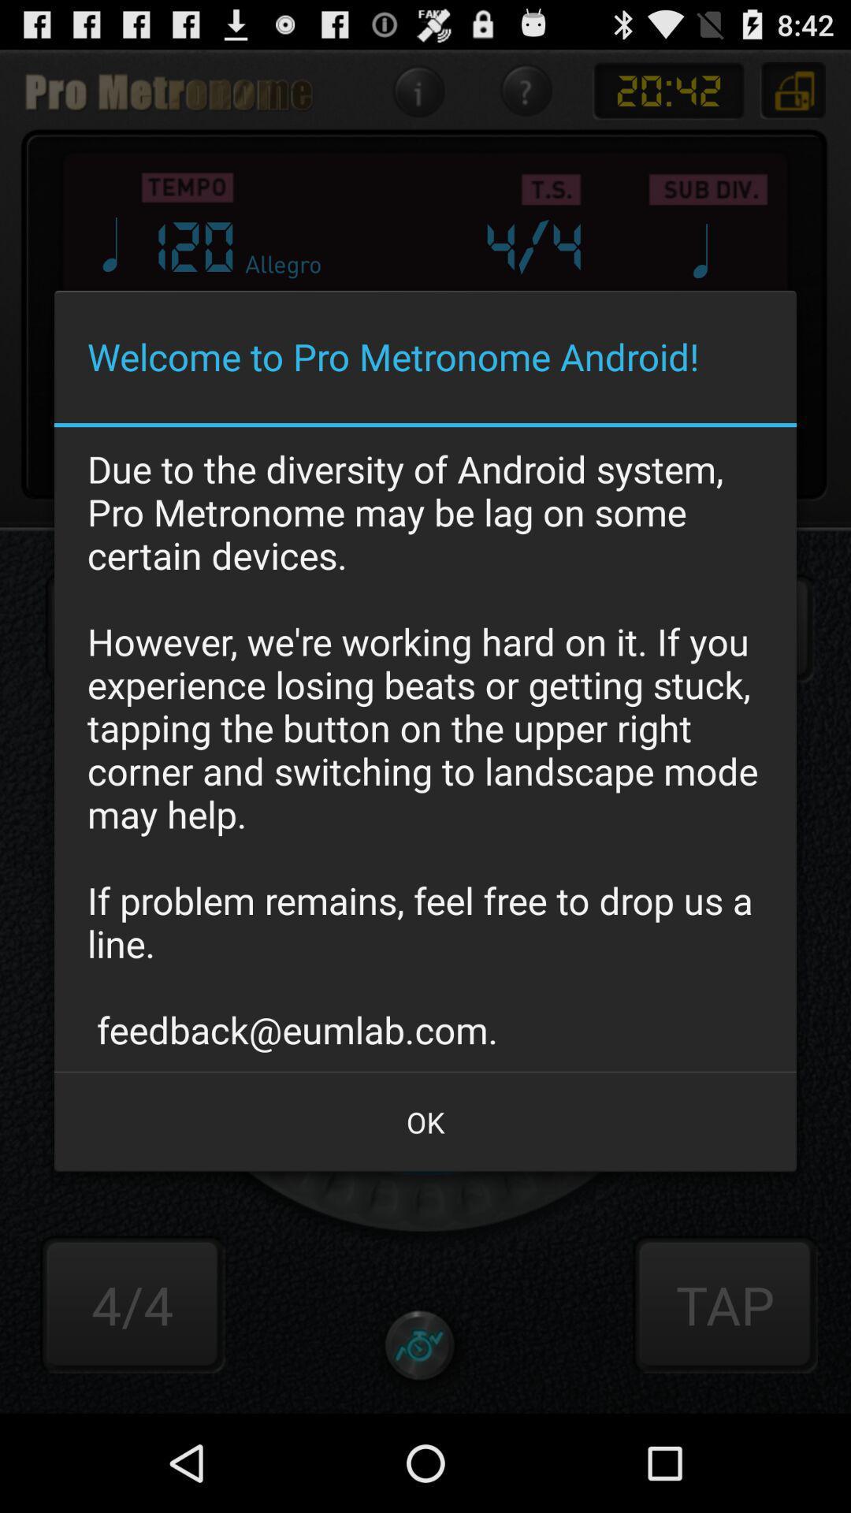 The image size is (851, 1513). I want to click on app below due to the item, so click(425, 1121).